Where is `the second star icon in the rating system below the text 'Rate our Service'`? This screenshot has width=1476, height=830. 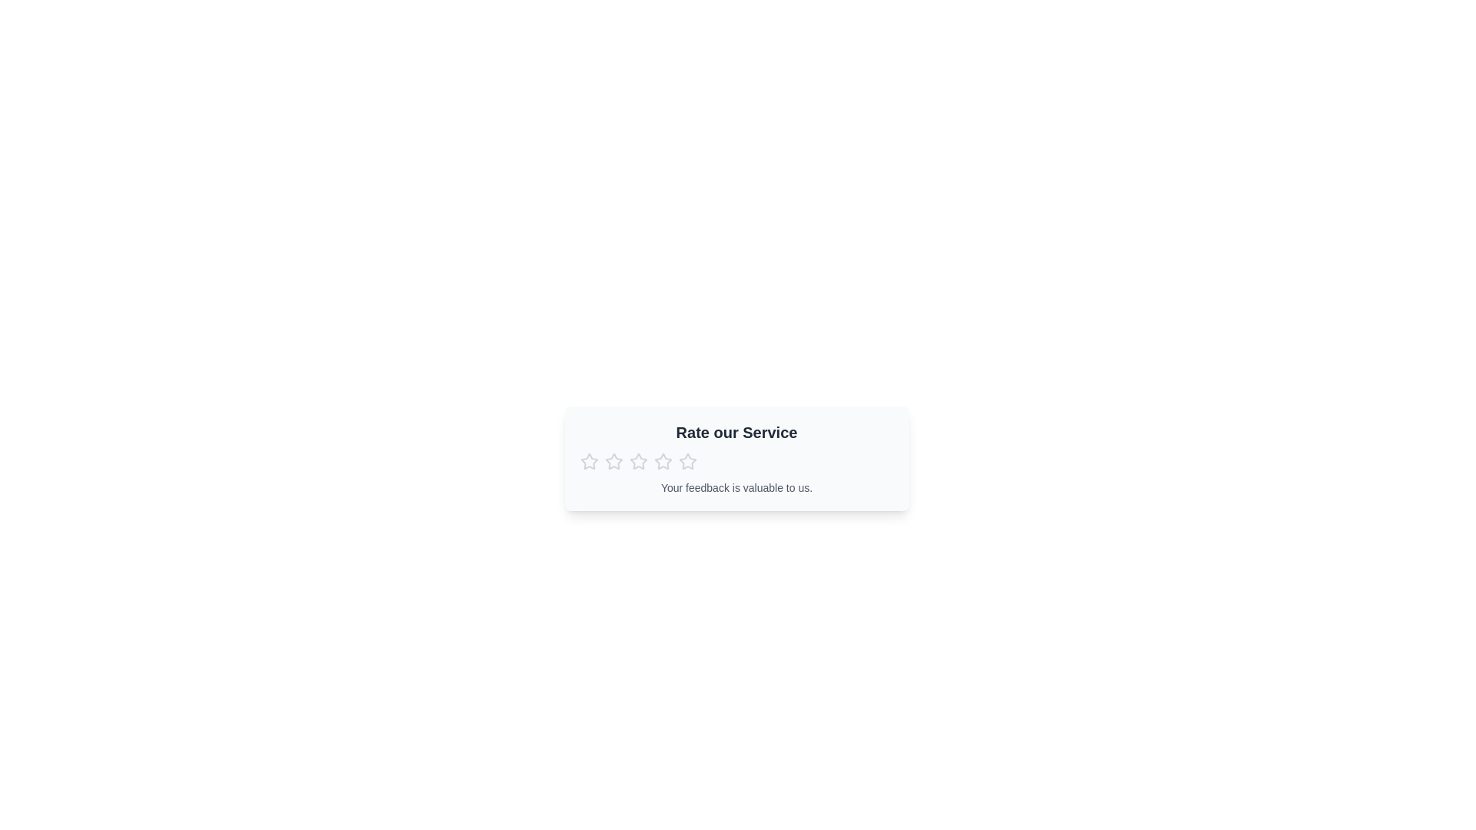
the second star icon in the rating system below the text 'Rate our Service' is located at coordinates (638, 460).